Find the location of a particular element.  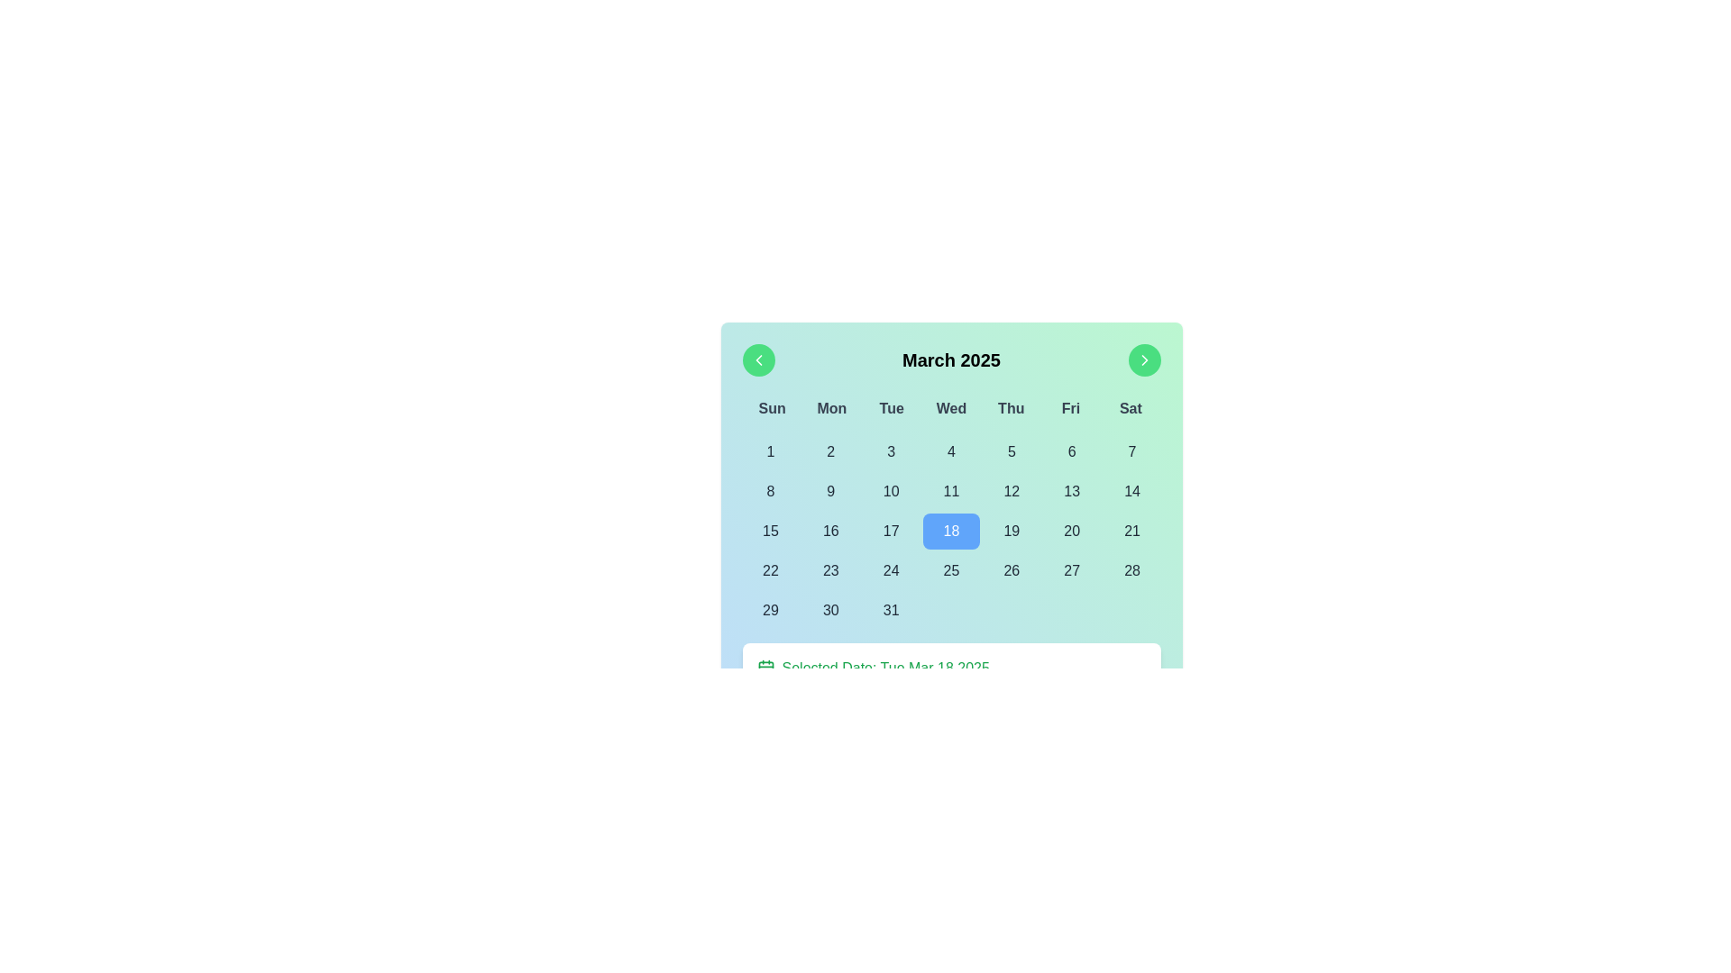

the chevron icon located in the top-right corner of the calendar interface is located at coordinates (1143, 360).